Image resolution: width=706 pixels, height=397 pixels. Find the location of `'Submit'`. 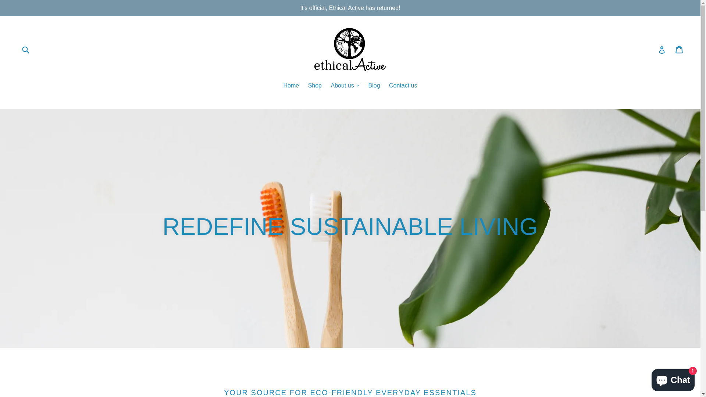

'Submit' is located at coordinates (25, 49).